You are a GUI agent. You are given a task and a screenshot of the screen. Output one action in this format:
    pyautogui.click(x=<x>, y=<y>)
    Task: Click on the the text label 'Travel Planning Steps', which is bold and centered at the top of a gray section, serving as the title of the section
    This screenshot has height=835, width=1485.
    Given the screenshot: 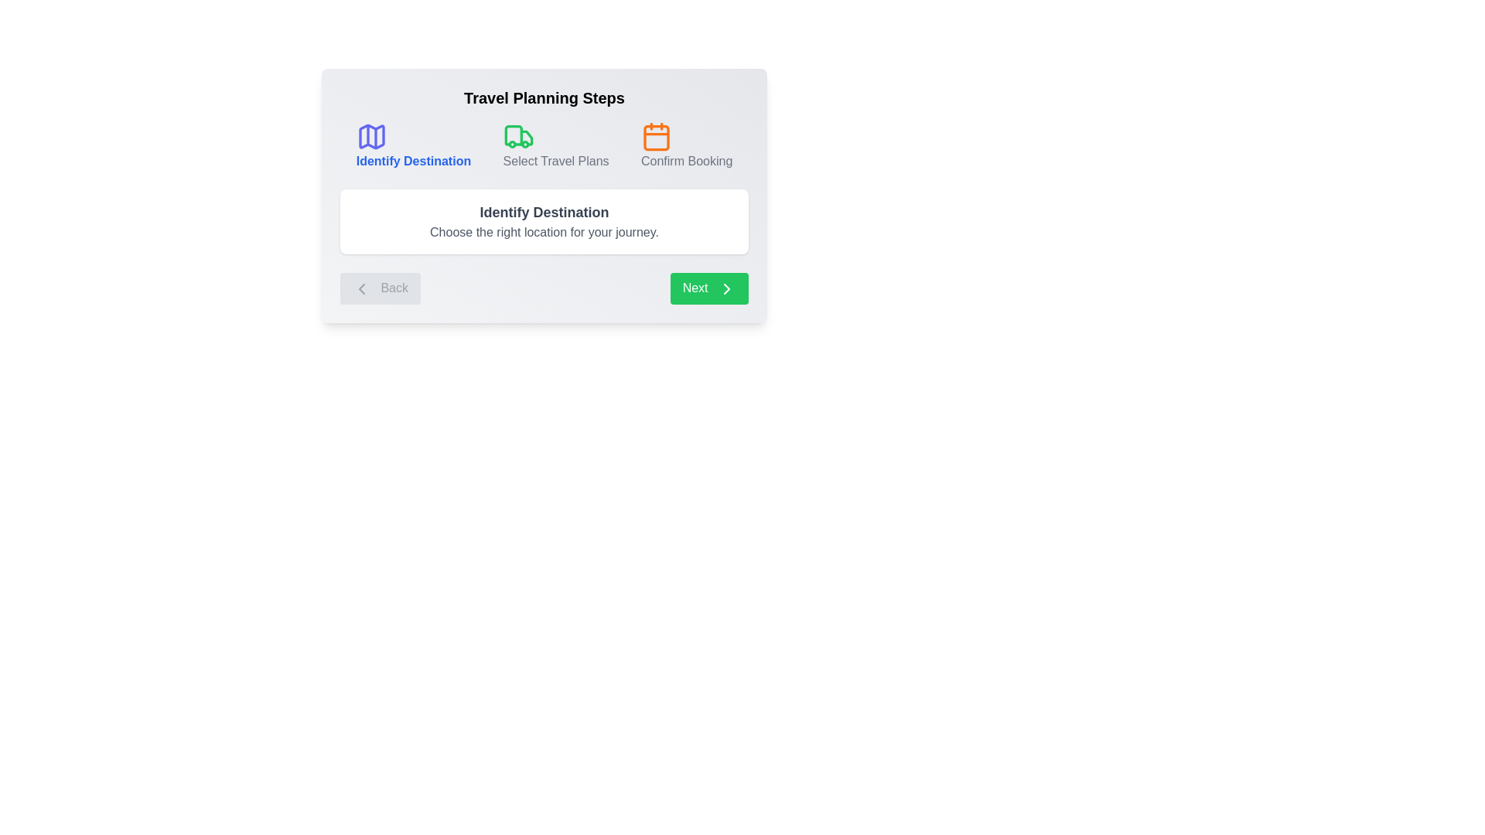 What is the action you would take?
    pyautogui.click(x=544, y=98)
    